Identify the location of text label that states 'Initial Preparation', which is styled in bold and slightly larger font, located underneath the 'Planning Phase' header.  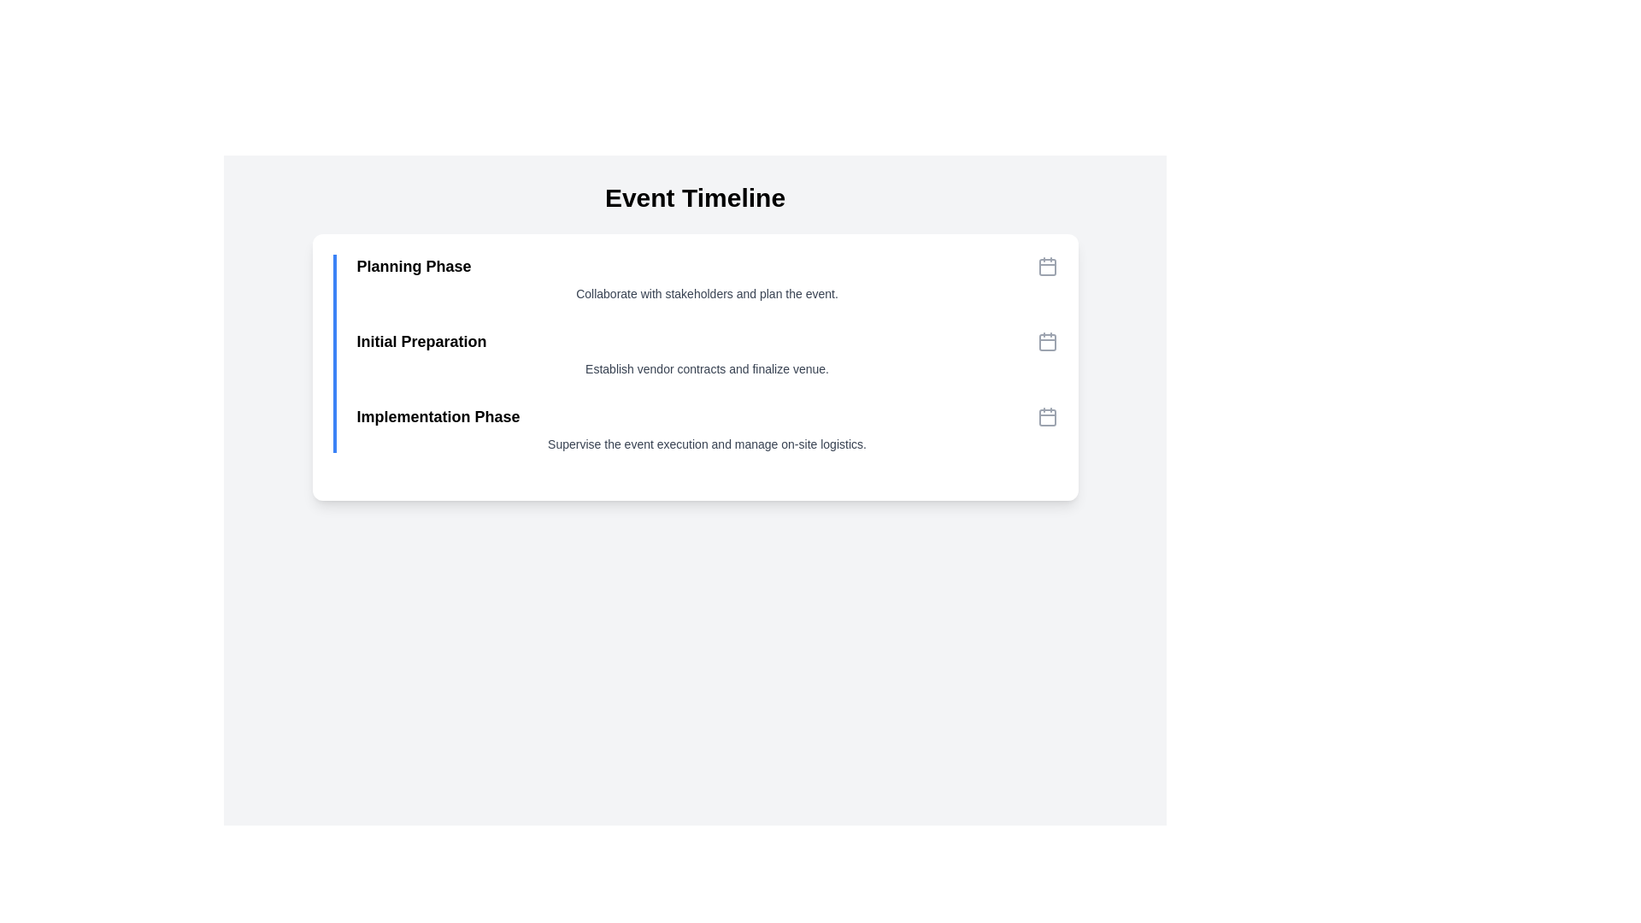
(421, 342).